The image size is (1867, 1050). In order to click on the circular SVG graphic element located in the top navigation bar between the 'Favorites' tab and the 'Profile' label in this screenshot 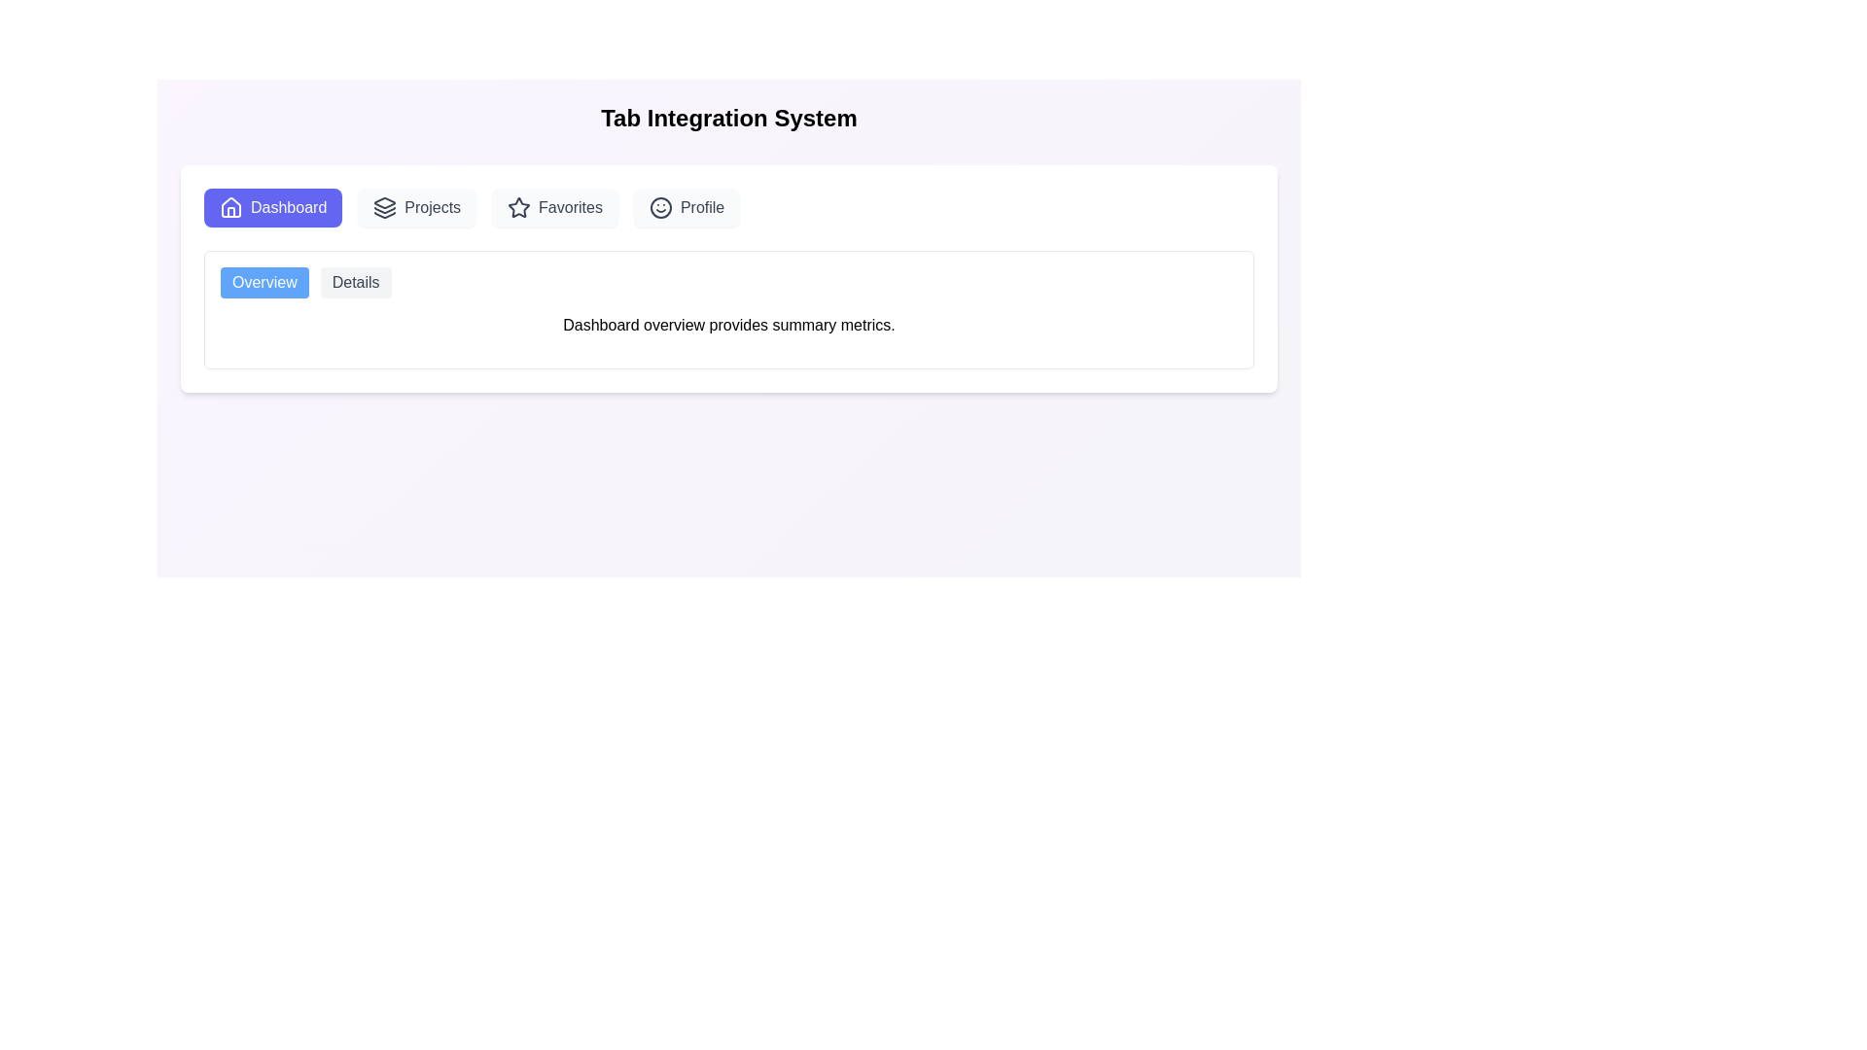, I will do `click(660, 207)`.